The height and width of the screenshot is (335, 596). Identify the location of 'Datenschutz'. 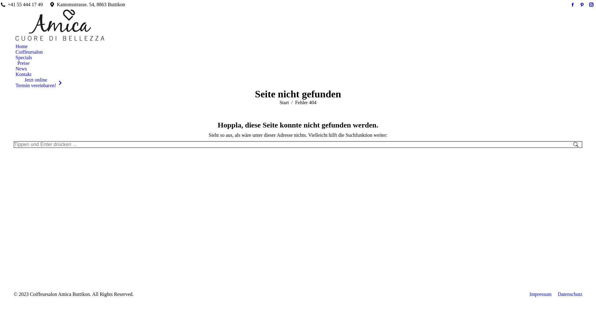
(570, 294).